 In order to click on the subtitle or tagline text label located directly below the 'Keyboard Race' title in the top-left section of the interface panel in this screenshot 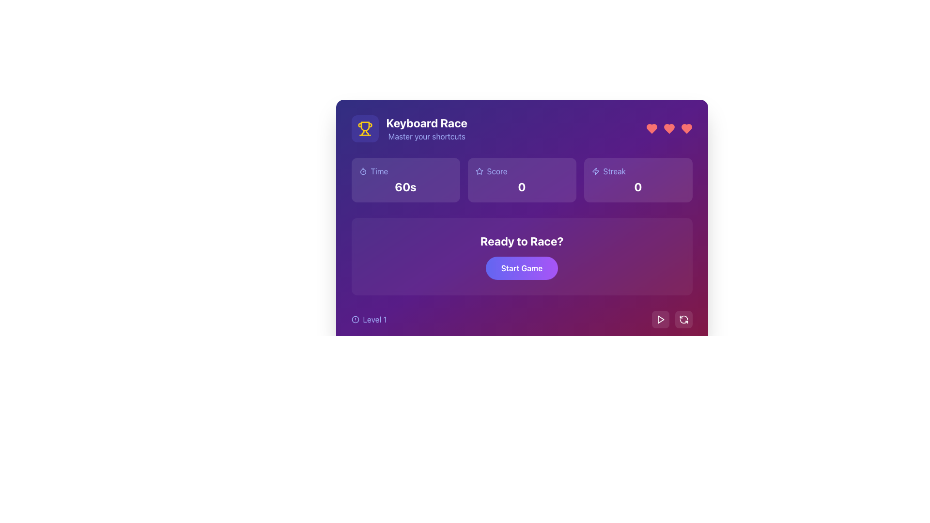, I will do `click(426, 136)`.